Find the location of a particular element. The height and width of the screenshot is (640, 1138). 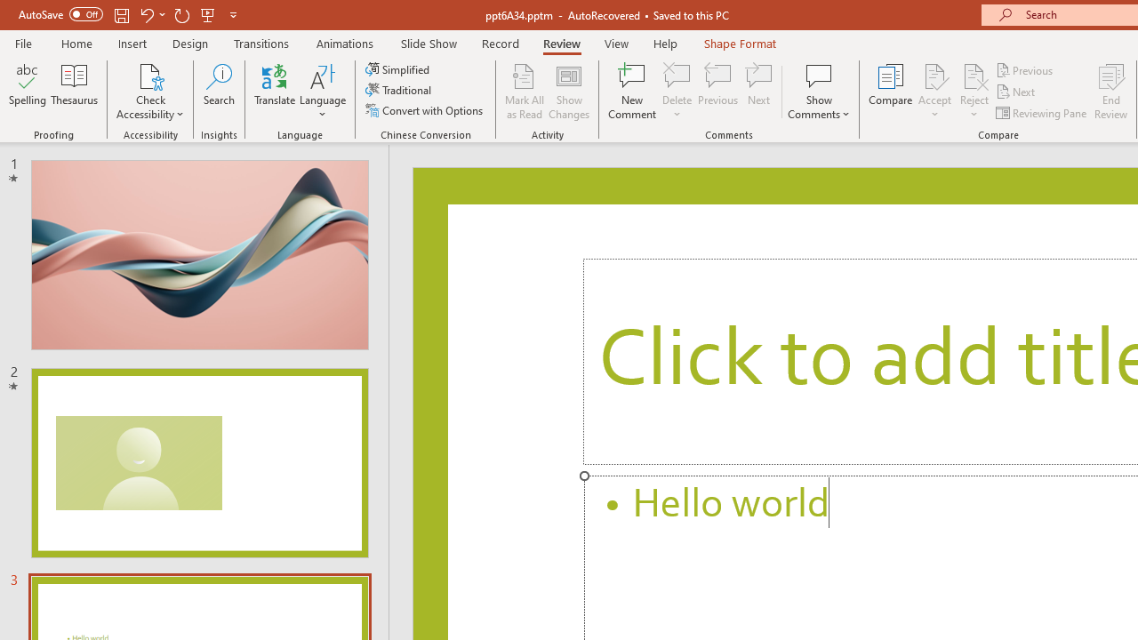

'Review' is located at coordinates (560, 43).